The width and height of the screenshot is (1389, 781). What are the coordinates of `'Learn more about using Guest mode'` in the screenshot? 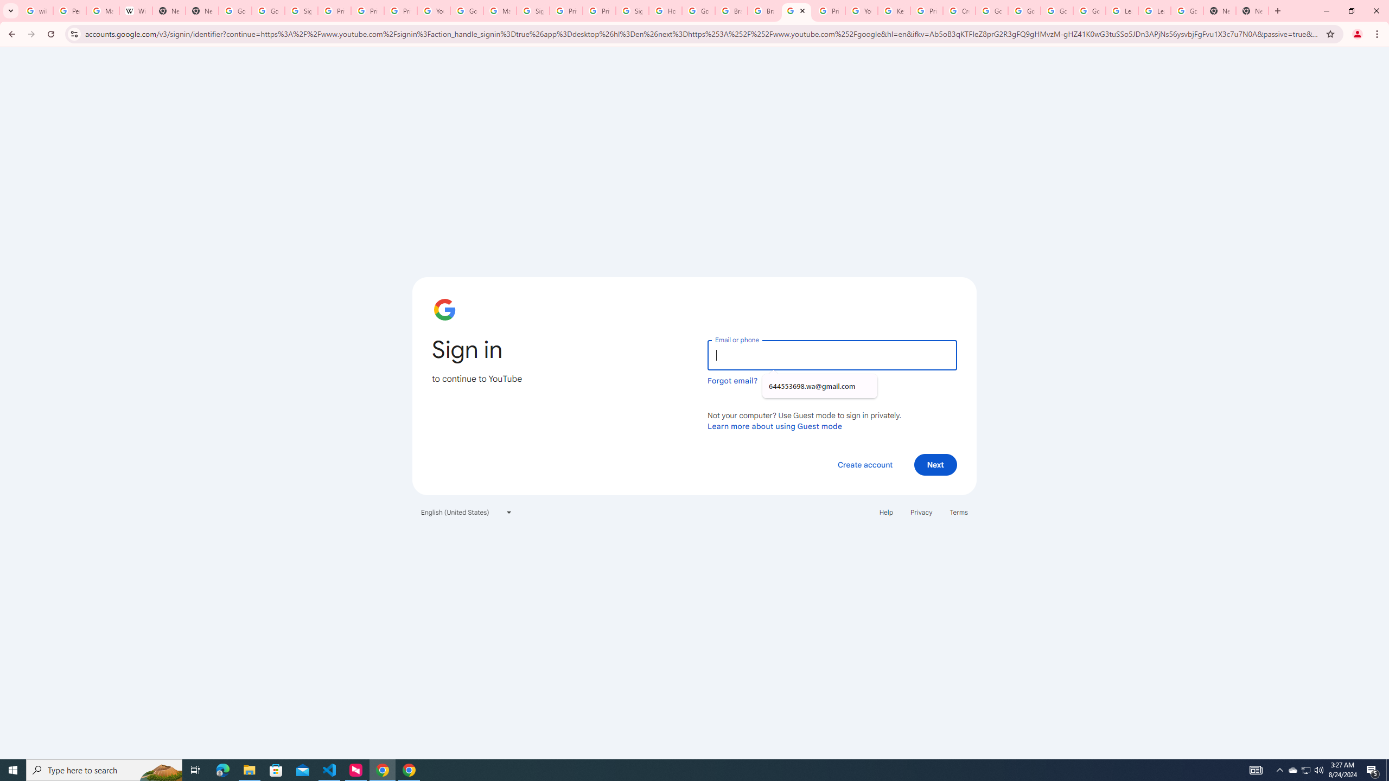 It's located at (774, 426).